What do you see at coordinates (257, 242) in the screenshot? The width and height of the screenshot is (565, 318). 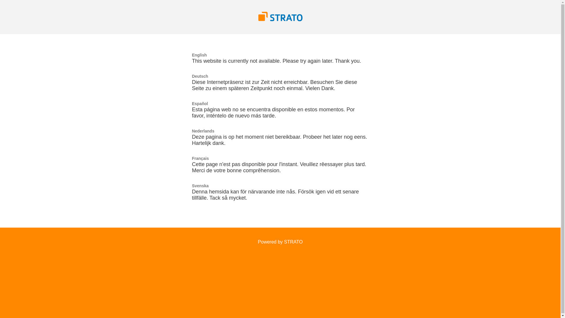 I see `'Powered by STRATO'` at bounding box center [257, 242].